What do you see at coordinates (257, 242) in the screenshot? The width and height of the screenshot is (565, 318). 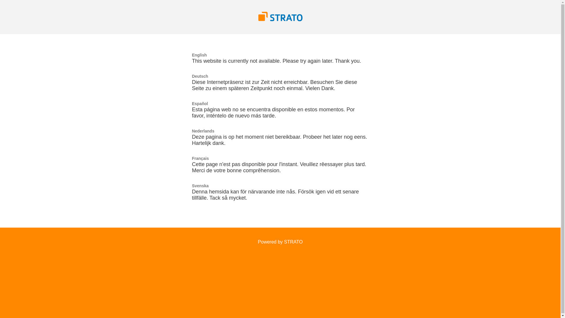 I see `'Powered by STRATO'` at bounding box center [257, 242].